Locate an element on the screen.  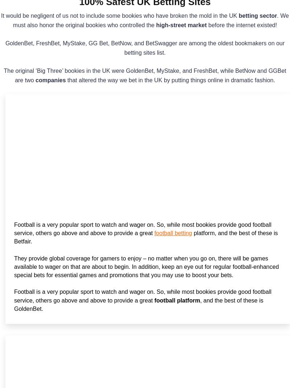
'platform, and the best of these is Betfair.' is located at coordinates (146, 237).